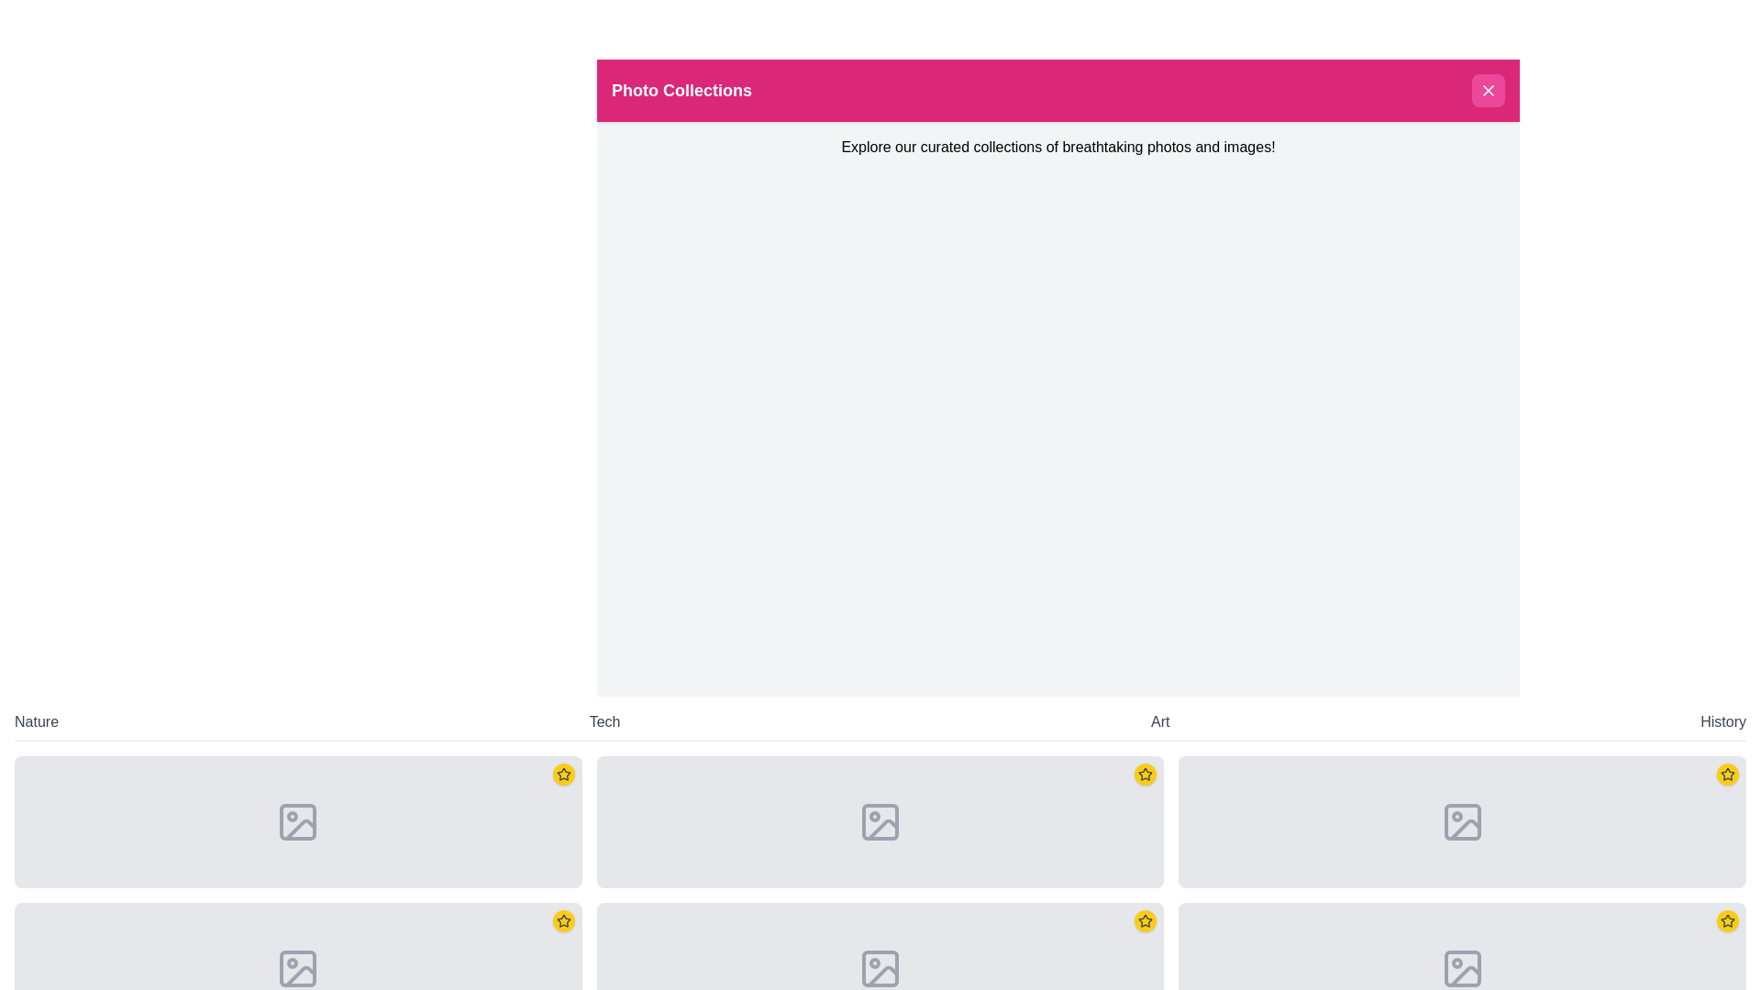 The image size is (1761, 990). I want to click on the Star icon located at the top-right corner of the card in the second row of the grid layout under the 'Tech' category, so click(562, 774).